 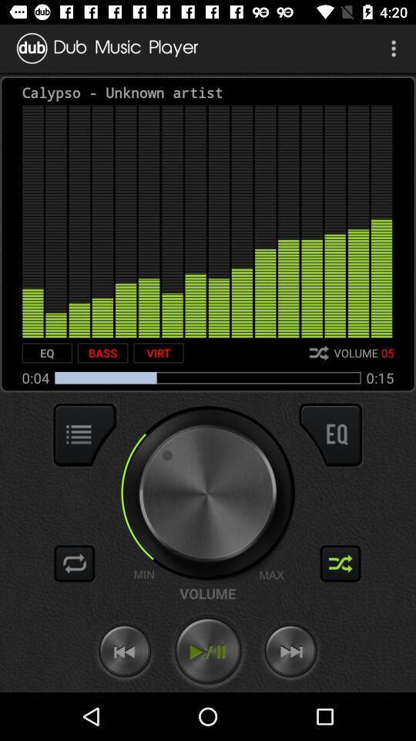 I want to click on play or pause option, so click(x=208, y=651).